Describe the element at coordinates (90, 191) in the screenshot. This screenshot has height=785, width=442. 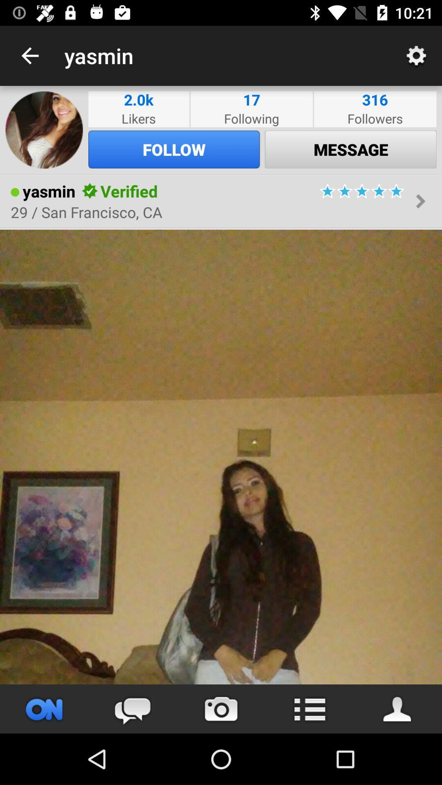
I see `the item next to the verified item` at that location.